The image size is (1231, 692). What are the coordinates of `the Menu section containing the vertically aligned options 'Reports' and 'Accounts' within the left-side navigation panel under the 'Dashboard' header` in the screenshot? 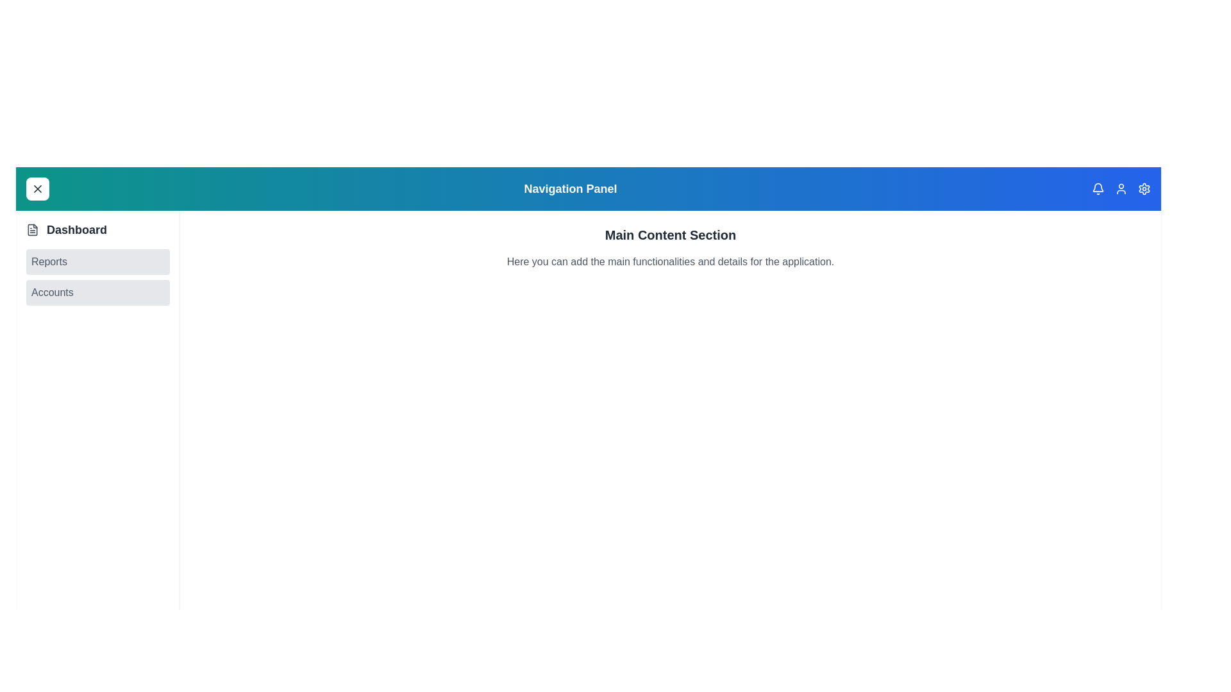 It's located at (97, 276).